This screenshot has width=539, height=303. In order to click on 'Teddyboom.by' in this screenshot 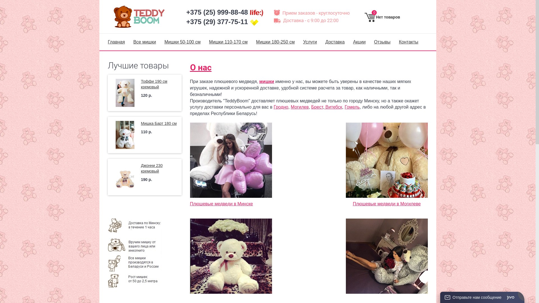, I will do `click(143, 16)`.